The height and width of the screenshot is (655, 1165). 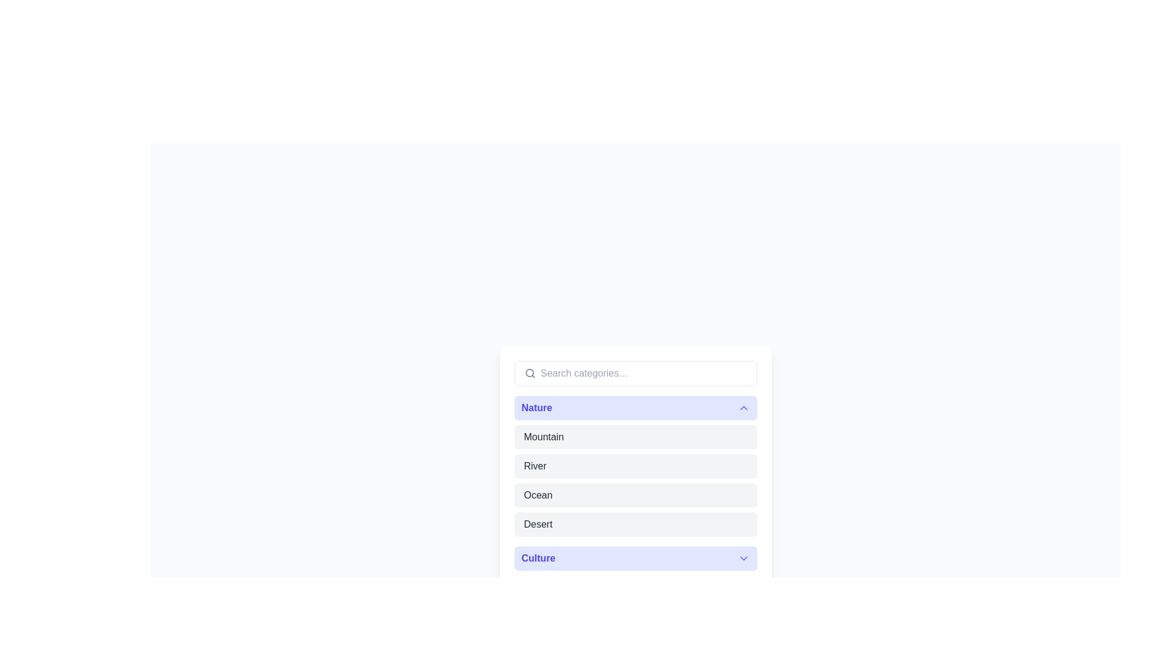 I want to click on the text label displaying 'Ocean' in the dropdown list under the 'Nature' section, so click(x=538, y=495).